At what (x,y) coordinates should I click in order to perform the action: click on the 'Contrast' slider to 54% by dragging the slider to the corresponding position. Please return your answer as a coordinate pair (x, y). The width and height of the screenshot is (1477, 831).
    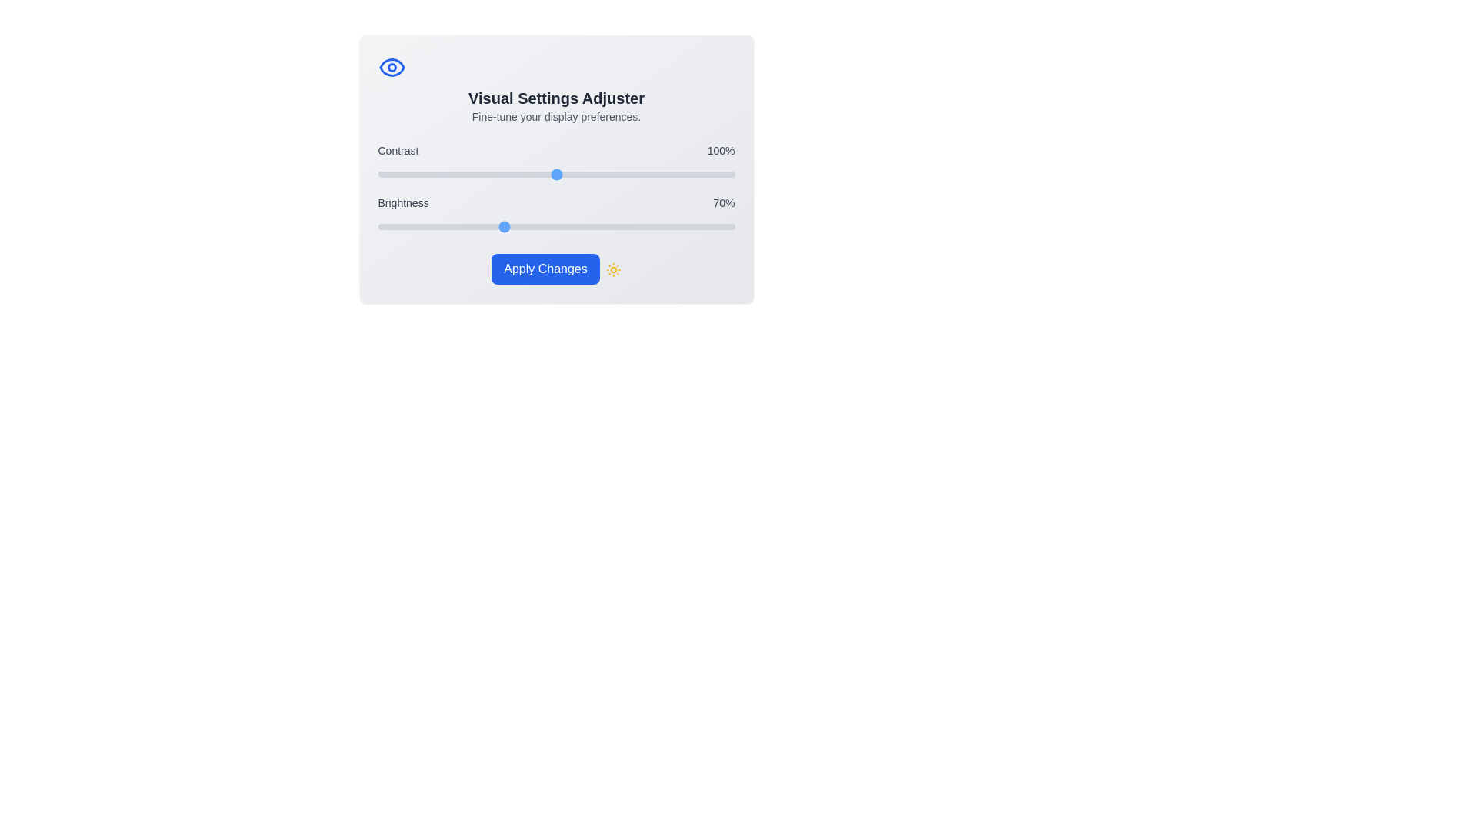
    Looking at the image, I should click on (473, 174).